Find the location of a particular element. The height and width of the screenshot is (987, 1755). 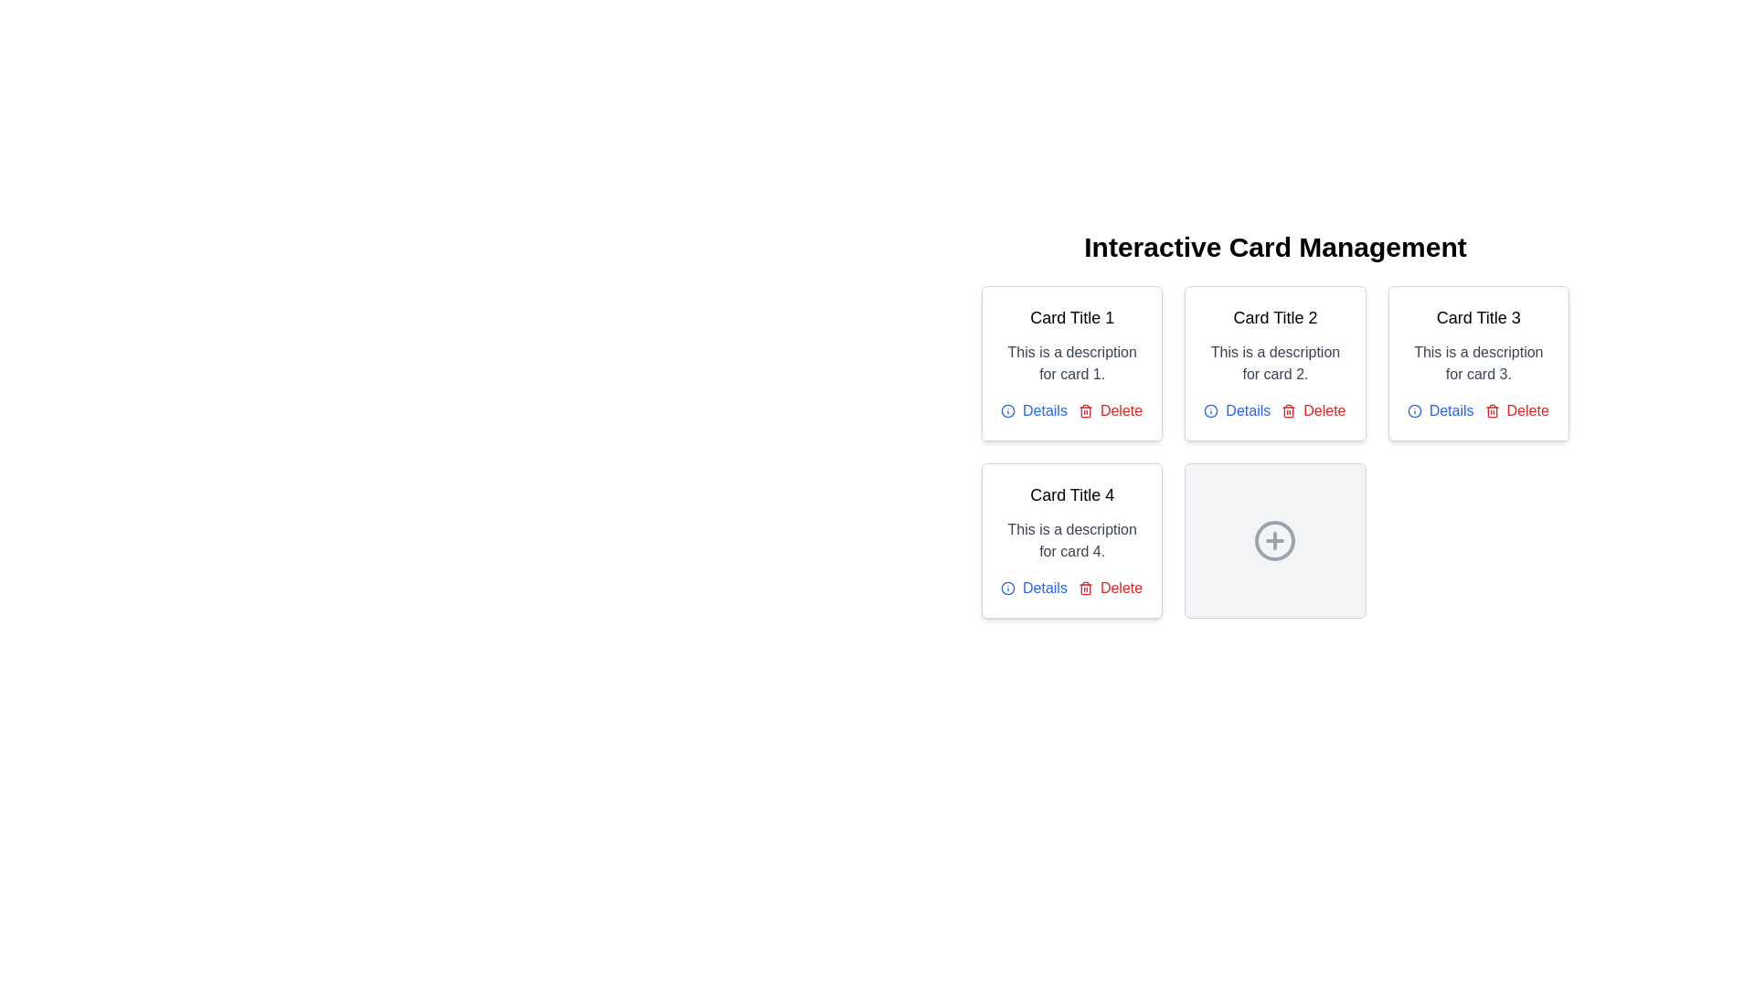

the circular blue outlined icon with an 'i' symbol, which is part of the 'Details' text link in the lower-left corner of the first card in the grid layout is located at coordinates (1007, 411).